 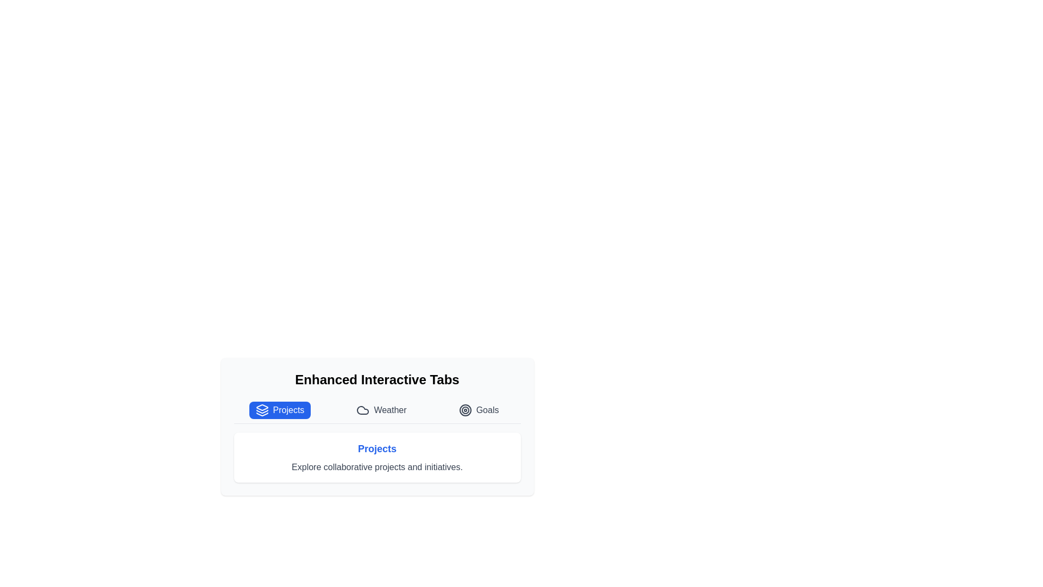 I want to click on the Goals tab to activate it, so click(x=478, y=410).